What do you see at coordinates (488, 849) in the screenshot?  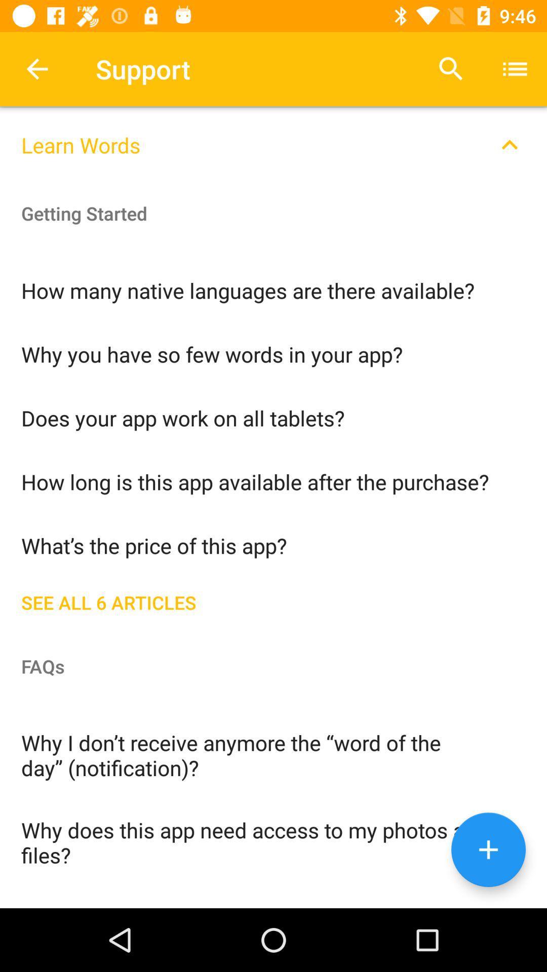 I see `a new page` at bounding box center [488, 849].